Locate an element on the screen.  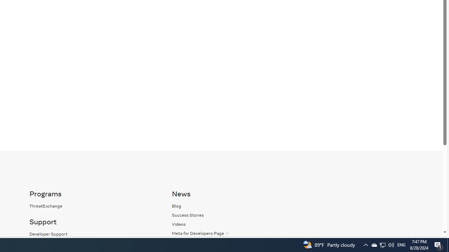
'Developer Support' is located at coordinates (48, 234).